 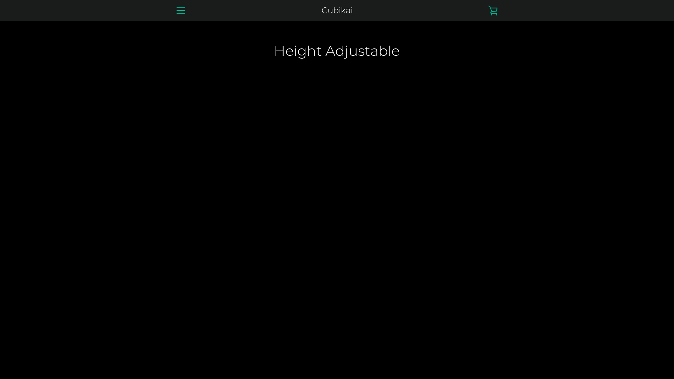 I want to click on 'Skip to content', so click(x=0, y=0).